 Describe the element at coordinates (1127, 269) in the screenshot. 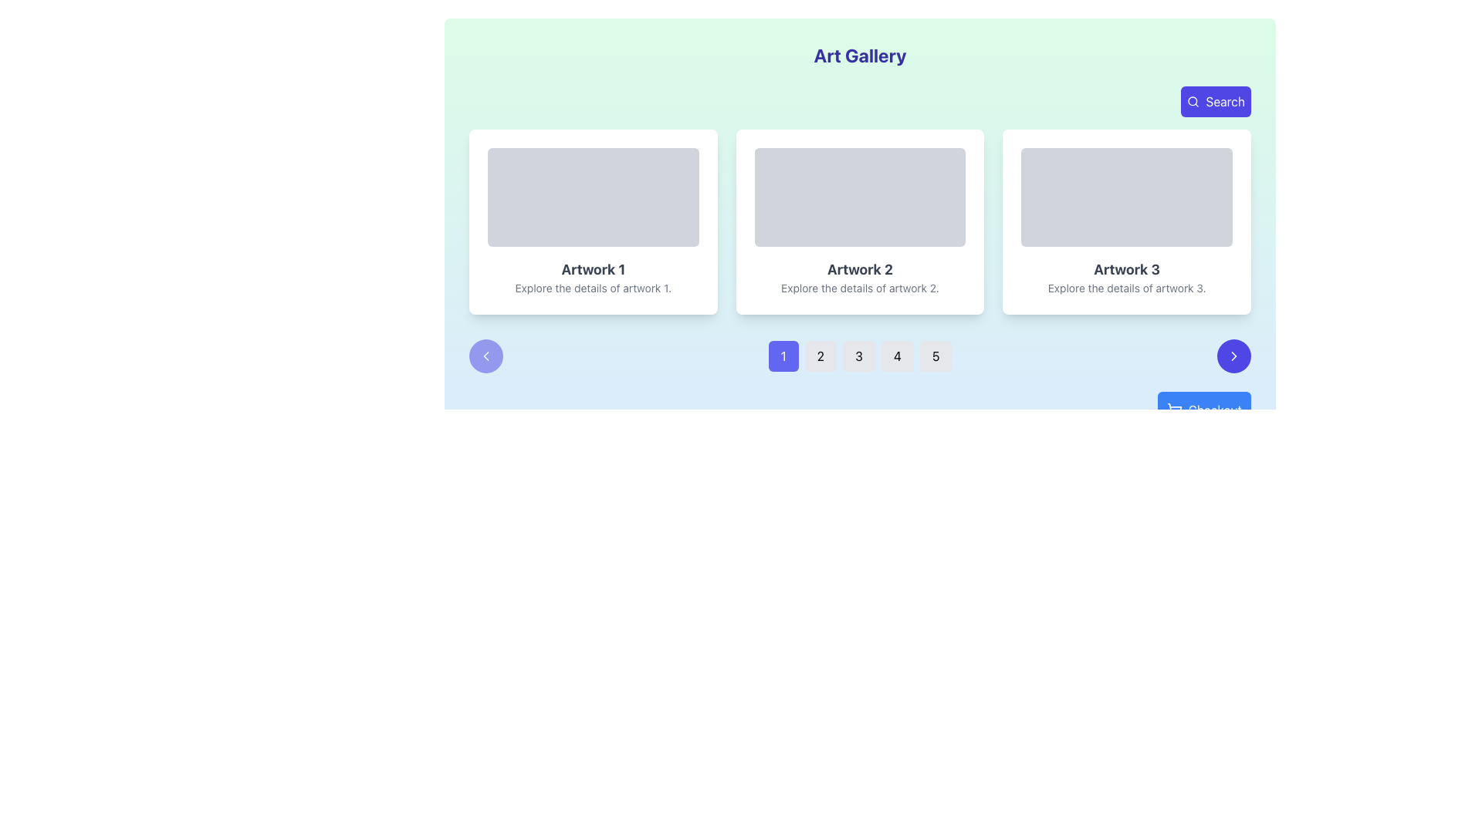

I see `the bold text label reading 'Artwork 3', which is part of the third card in a horizontally oriented list, located directly below the image placeholder` at that location.